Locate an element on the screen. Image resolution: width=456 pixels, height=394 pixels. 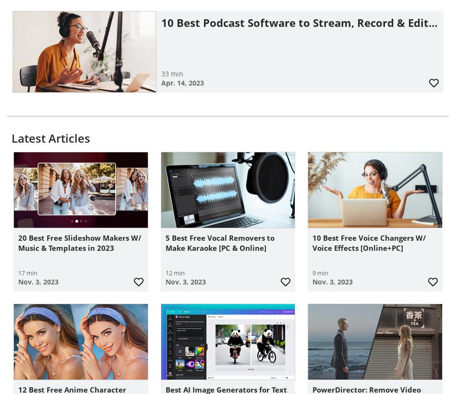
'12 min' is located at coordinates (174, 272).